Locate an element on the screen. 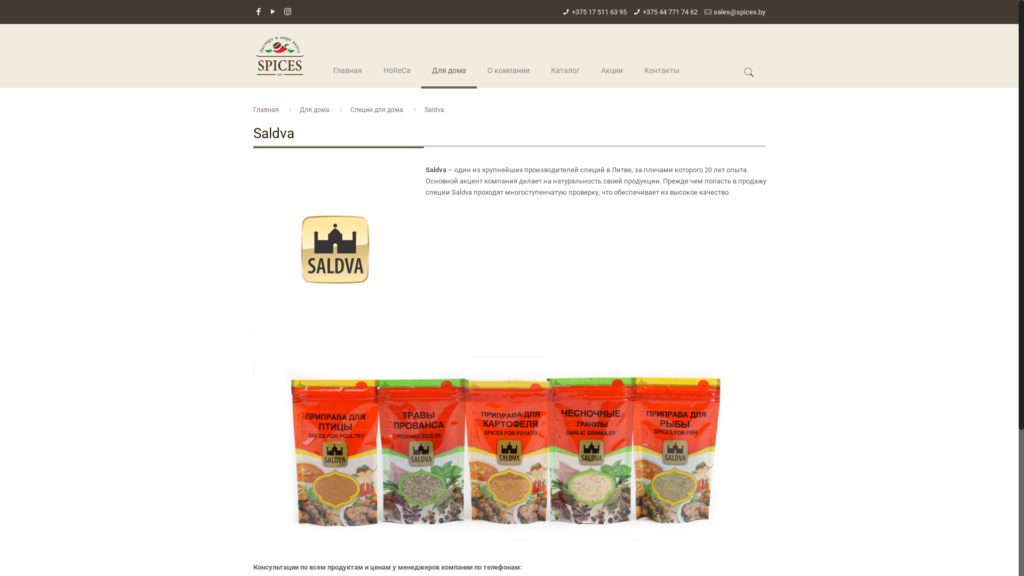 This screenshot has width=1024, height=576. 'spices.by' is located at coordinates (279, 55).